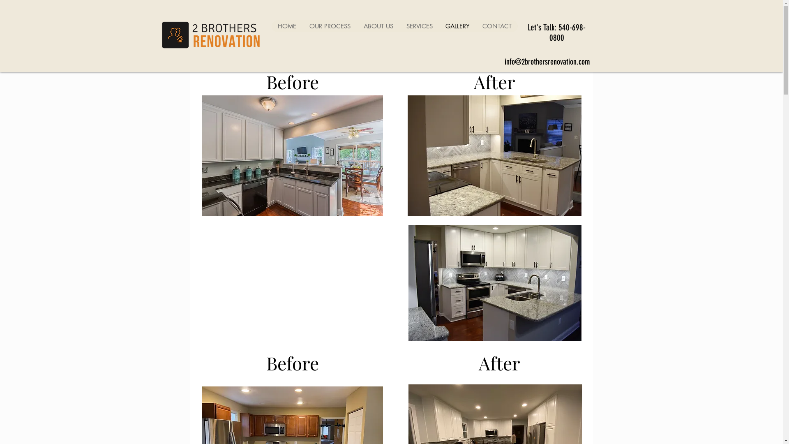 The width and height of the screenshot is (789, 444). What do you see at coordinates (457, 25) in the screenshot?
I see `'GALLERY'` at bounding box center [457, 25].